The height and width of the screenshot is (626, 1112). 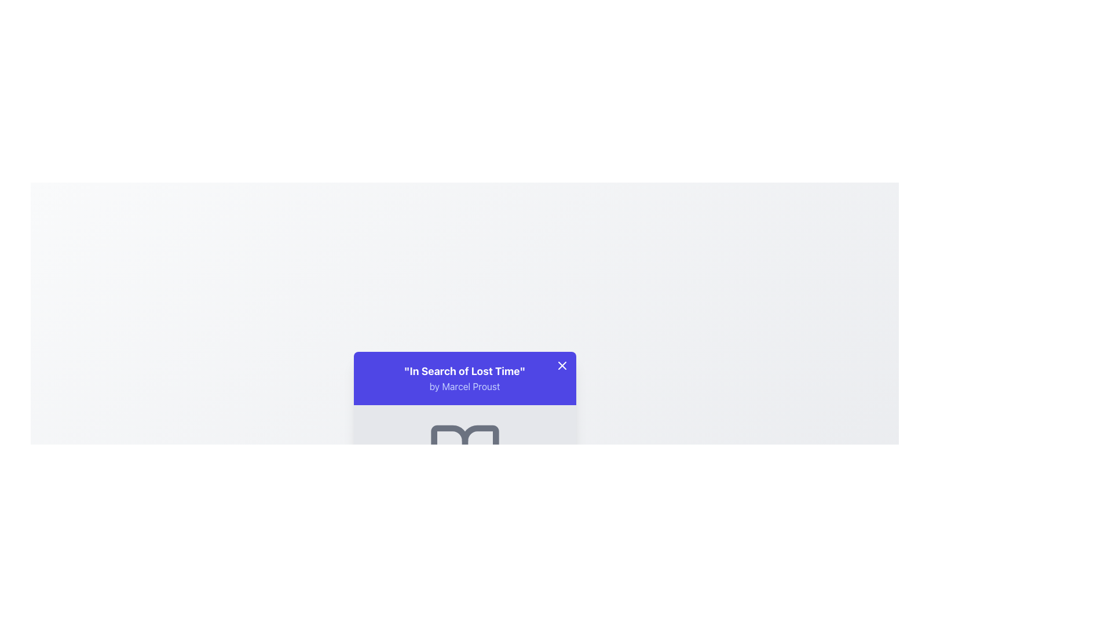 I want to click on the close icon located at the upper right of the blue banner containing the text 'In Search of Lost Time', so click(x=562, y=366).